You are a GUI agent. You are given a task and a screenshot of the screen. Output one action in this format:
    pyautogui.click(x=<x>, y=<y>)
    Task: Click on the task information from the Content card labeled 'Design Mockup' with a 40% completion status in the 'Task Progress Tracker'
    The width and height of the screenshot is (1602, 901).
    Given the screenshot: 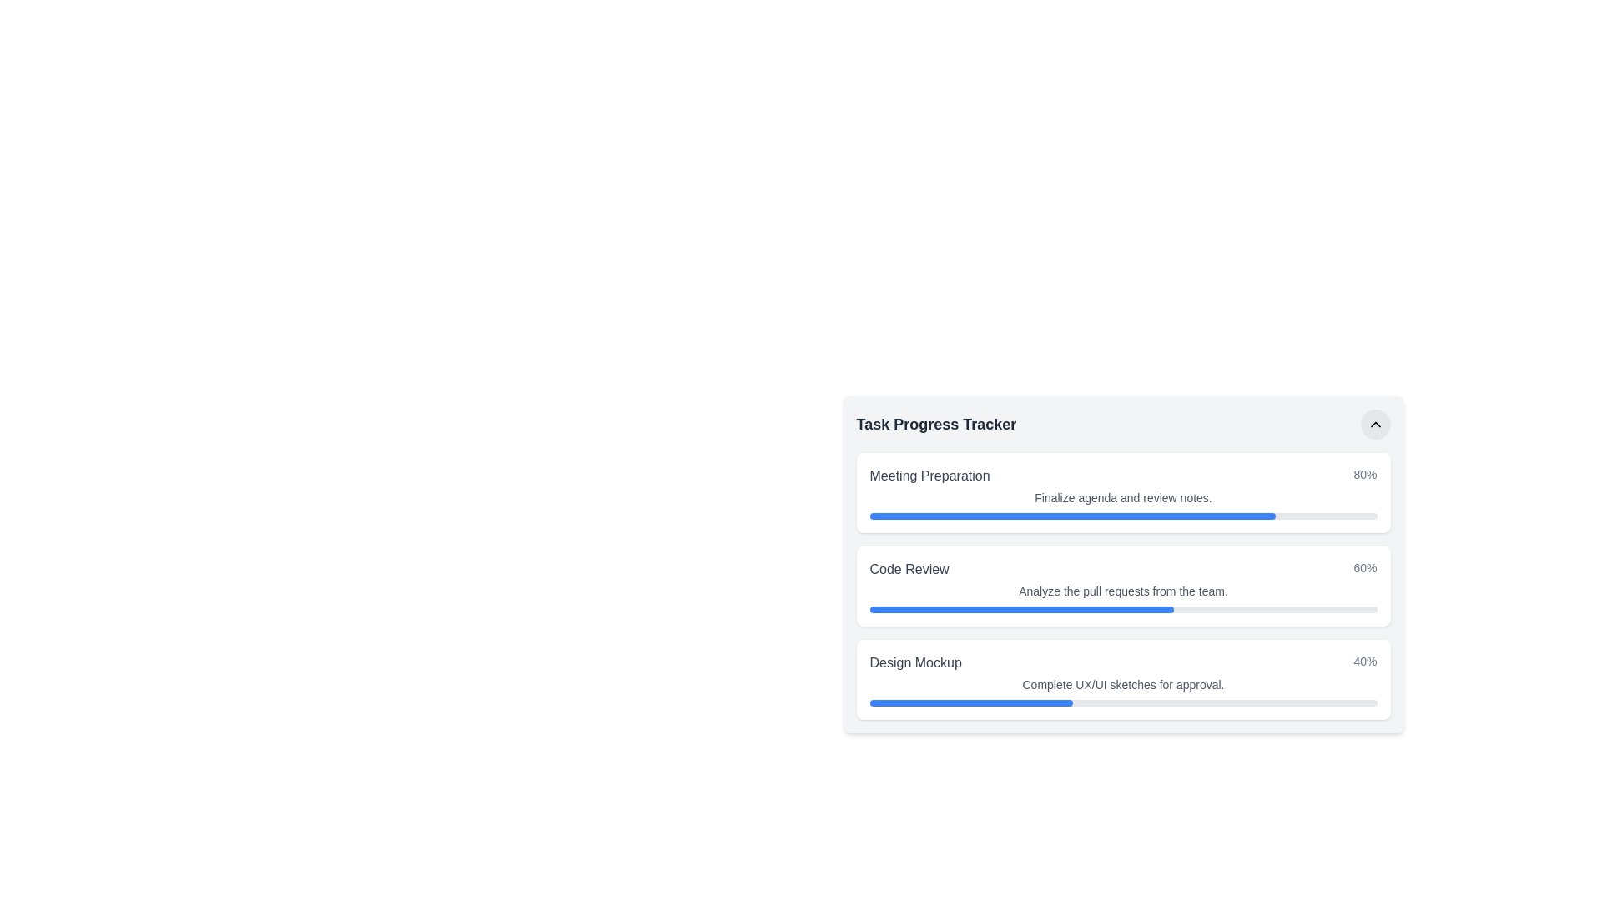 What is the action you would take?
    pyautogui.click(x=1123, y=679)
    